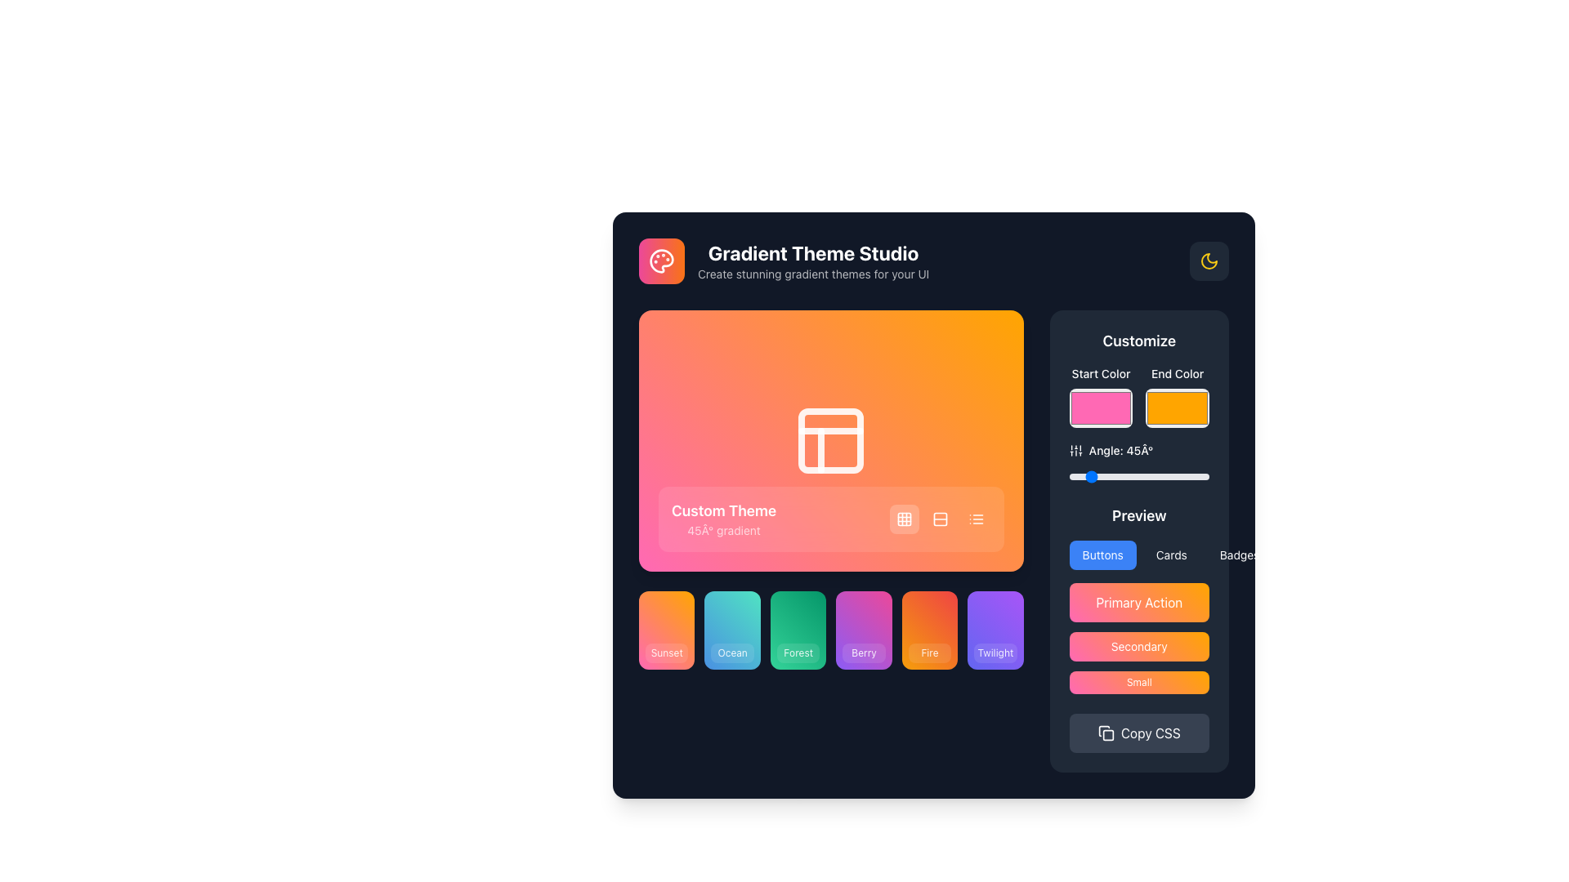 The image size is (1569, 882). Describe the element at coordinates (1138, 733) in the screenshot. I see `the 'Copy CSS' button, which is a rounded rectangular button with a dark gray background and white text, located at the bottom of the 'Customize' section` at that location.